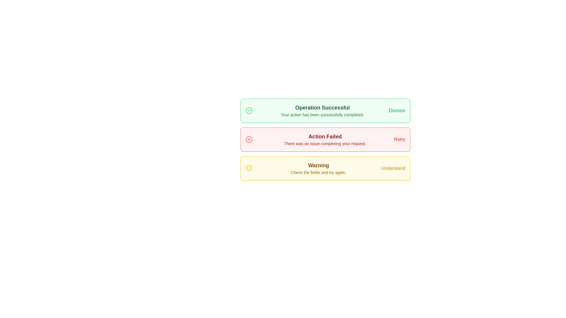  Describe the element at coordinates (397, 110) in the screenshot. I see `the dismiss button located to the right of the green notification box displaying 'Operation Successful - Your action has been successfully completed.'` at that location.